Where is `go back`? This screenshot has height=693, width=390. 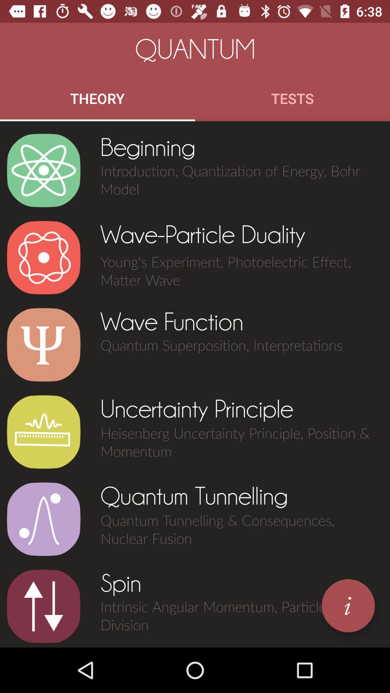 go back is located at coordinates (43, 606).